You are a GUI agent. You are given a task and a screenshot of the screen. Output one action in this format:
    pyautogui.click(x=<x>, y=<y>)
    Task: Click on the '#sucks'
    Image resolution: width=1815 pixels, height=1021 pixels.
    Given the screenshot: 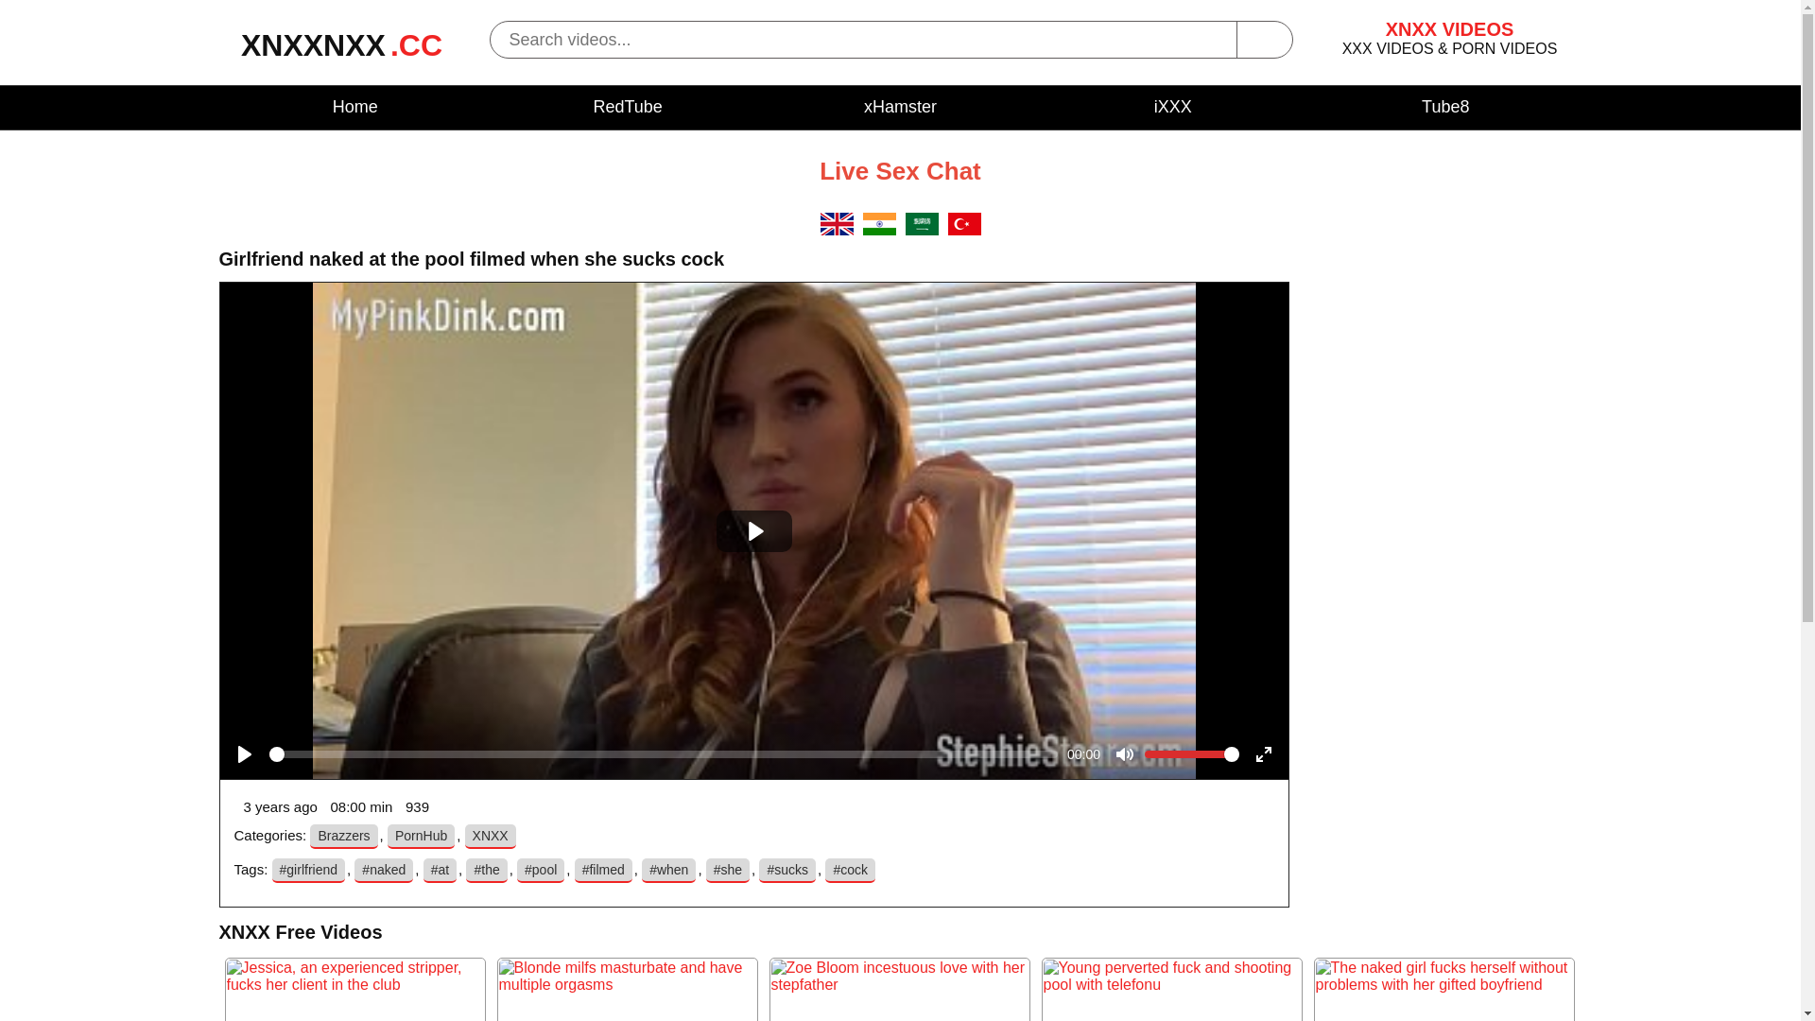 What is the action you would take?
    pyautogui.click(x=787, y=871)
    